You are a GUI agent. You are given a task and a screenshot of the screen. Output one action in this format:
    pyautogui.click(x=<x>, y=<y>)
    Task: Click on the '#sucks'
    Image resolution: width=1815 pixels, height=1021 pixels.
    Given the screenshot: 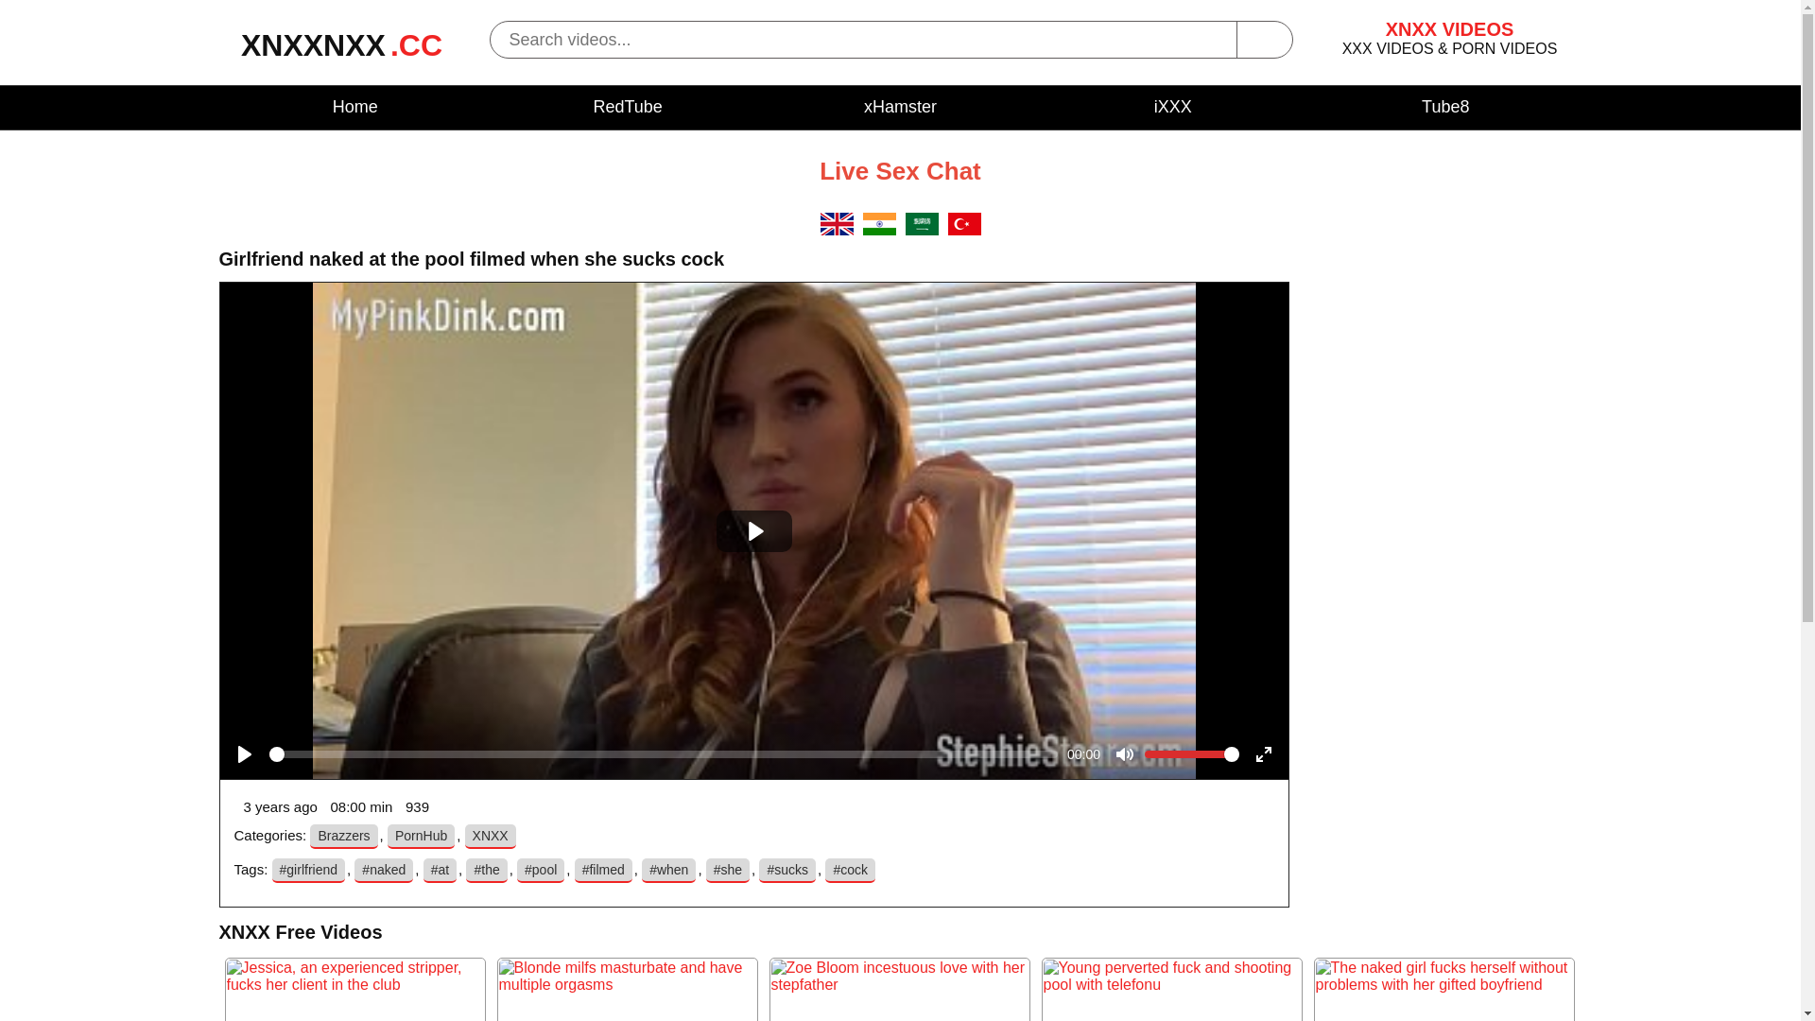 What is the action you would take?
    pyautogui.click(x=787, y=871)
    